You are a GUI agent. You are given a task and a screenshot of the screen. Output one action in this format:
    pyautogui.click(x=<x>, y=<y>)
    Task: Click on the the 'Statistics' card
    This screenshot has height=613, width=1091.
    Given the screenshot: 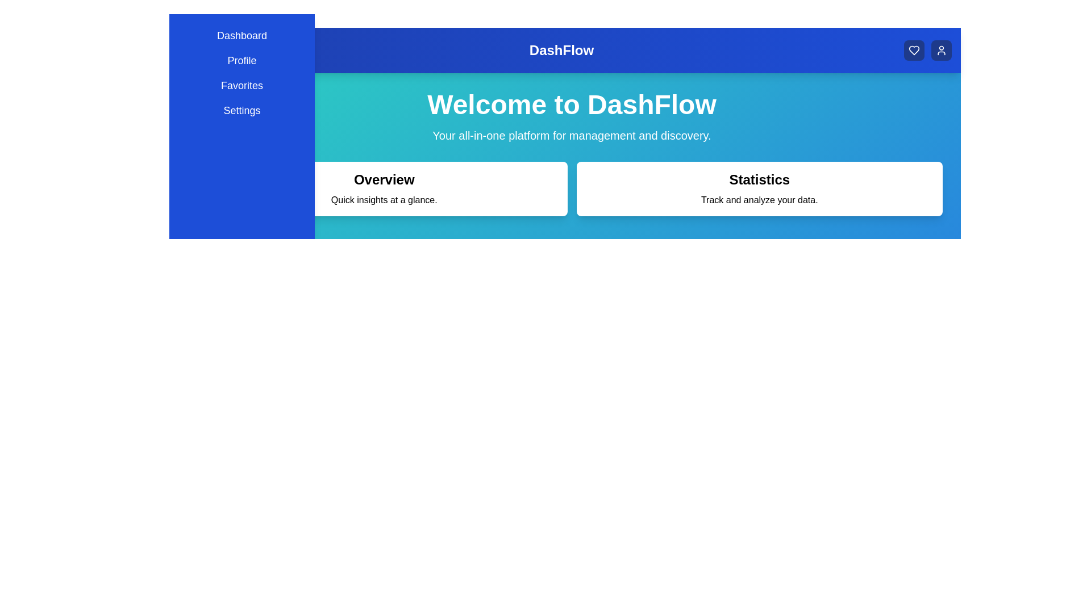 What is the action you would take?
    pyautogui.click(x=759, y=188)
    